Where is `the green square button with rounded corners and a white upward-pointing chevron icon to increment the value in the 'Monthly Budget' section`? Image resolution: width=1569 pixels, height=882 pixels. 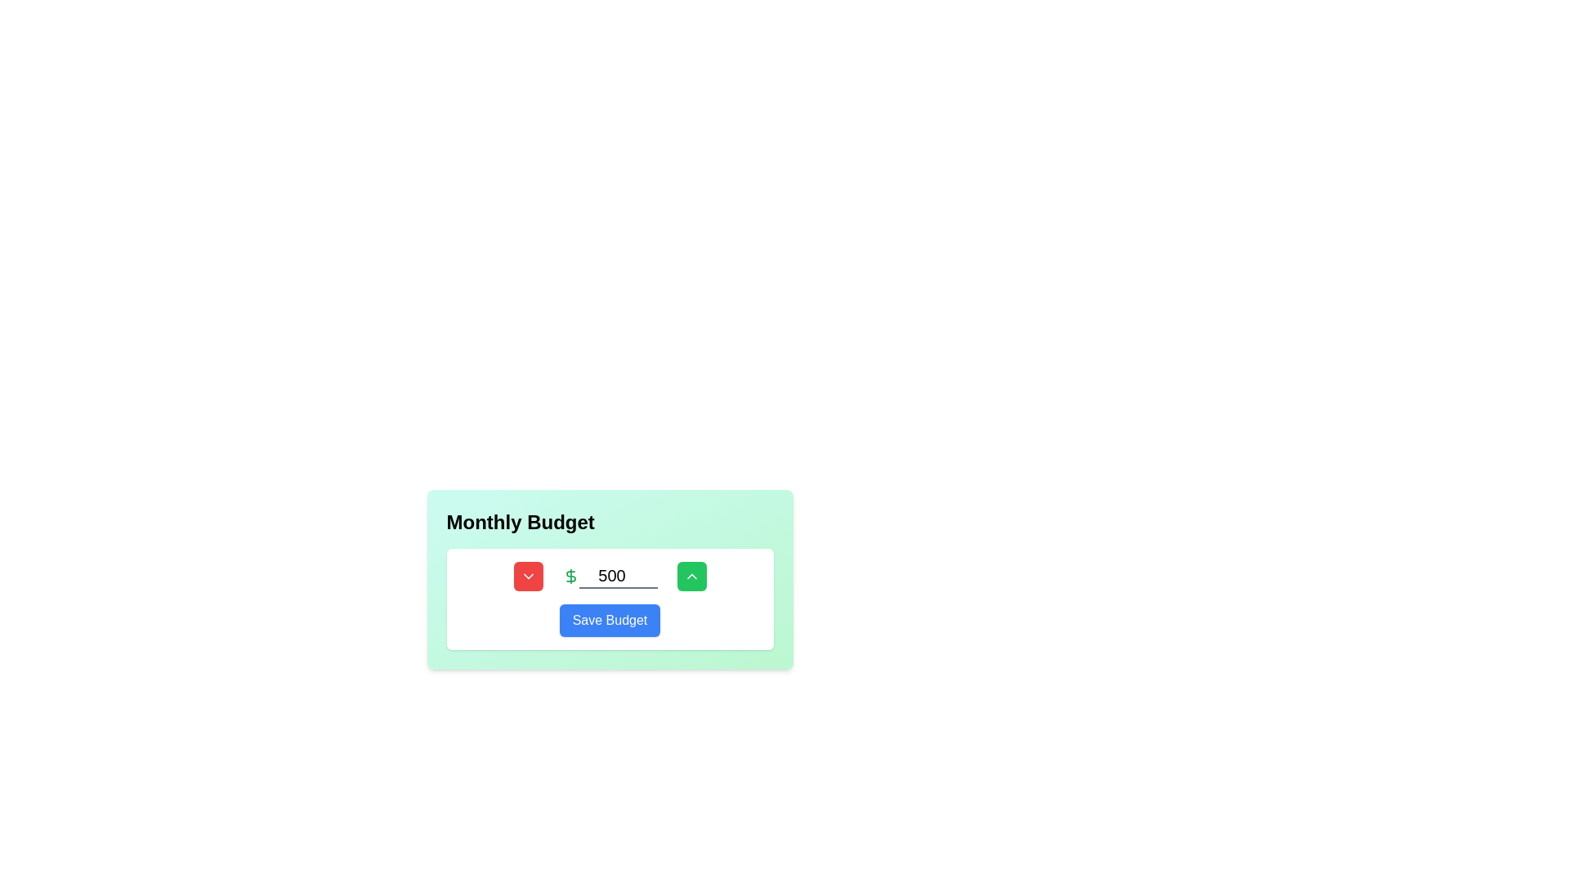 the green square button with rounded corners and a white upward-pointing chevron icon to increment the value in the 'Monthly Budget' section is located at coordinates (691, 575).